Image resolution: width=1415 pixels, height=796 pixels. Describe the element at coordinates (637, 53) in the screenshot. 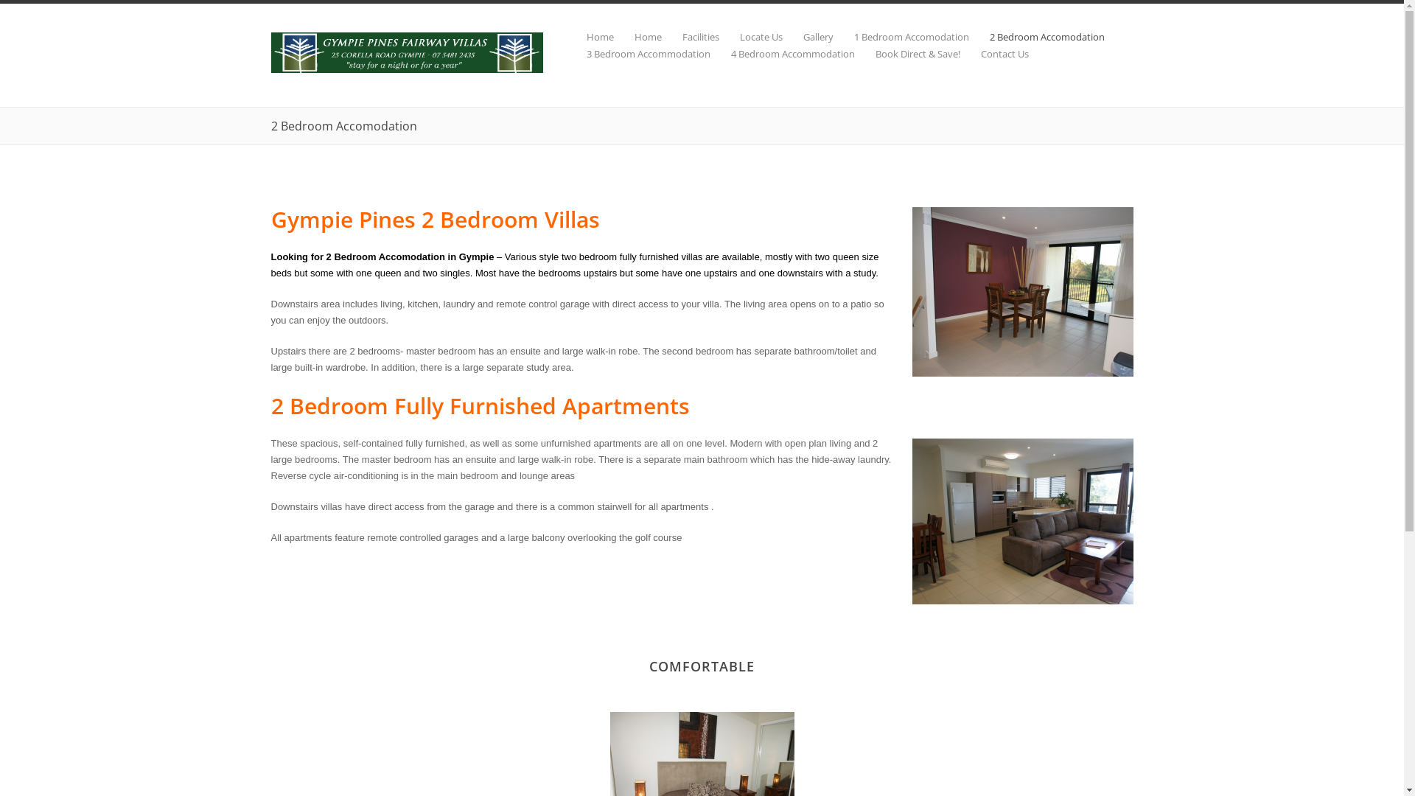

I see `'3 Bedroom Accommodation'` at that location.